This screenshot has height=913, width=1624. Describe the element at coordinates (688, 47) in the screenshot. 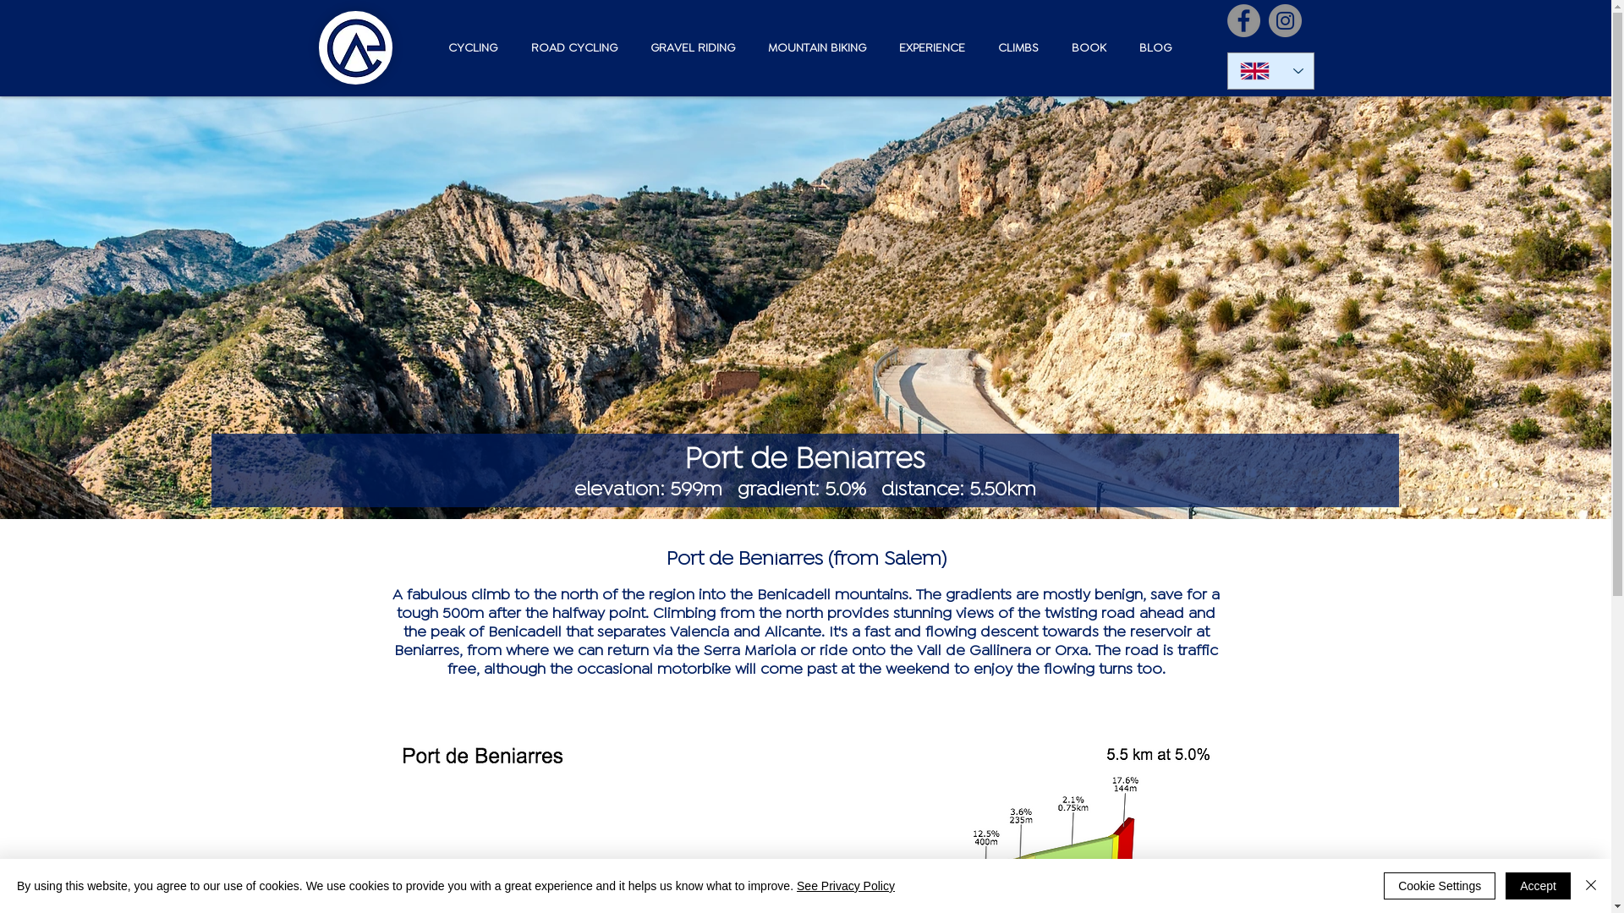

I see `'GRAVEL RIDING'` at that location.